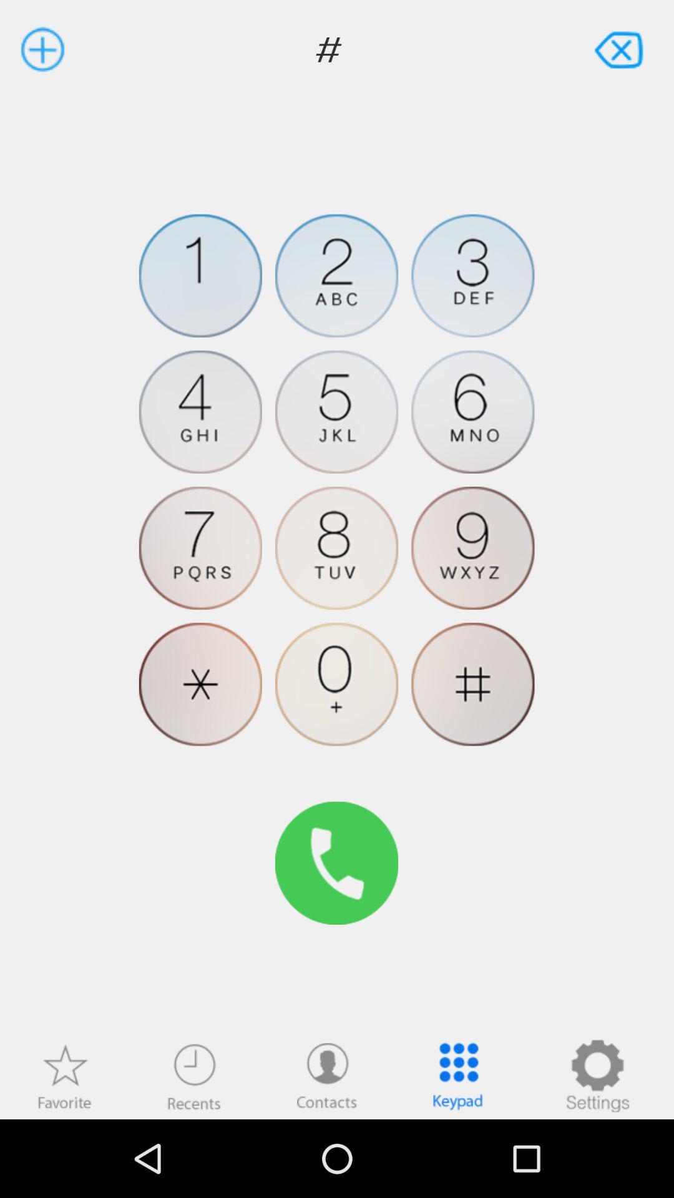  Describe the element at coordinates (472, 548) in the screenshot. I see `dial 9` at that location.